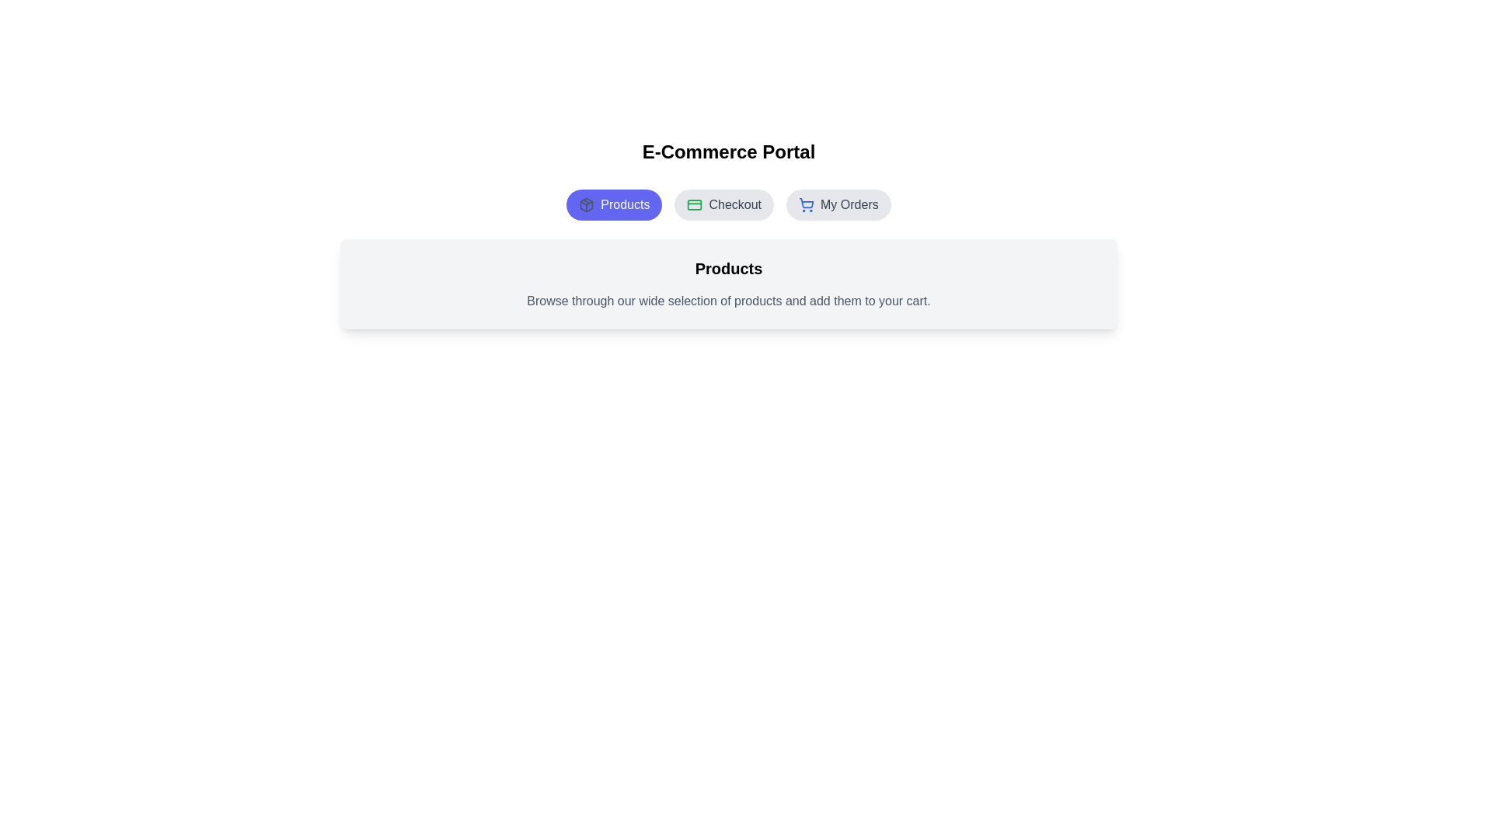 This screenshot has height=839, width=1492. I want to click on the tab My Orders by clicking its button, so click(838, 204).